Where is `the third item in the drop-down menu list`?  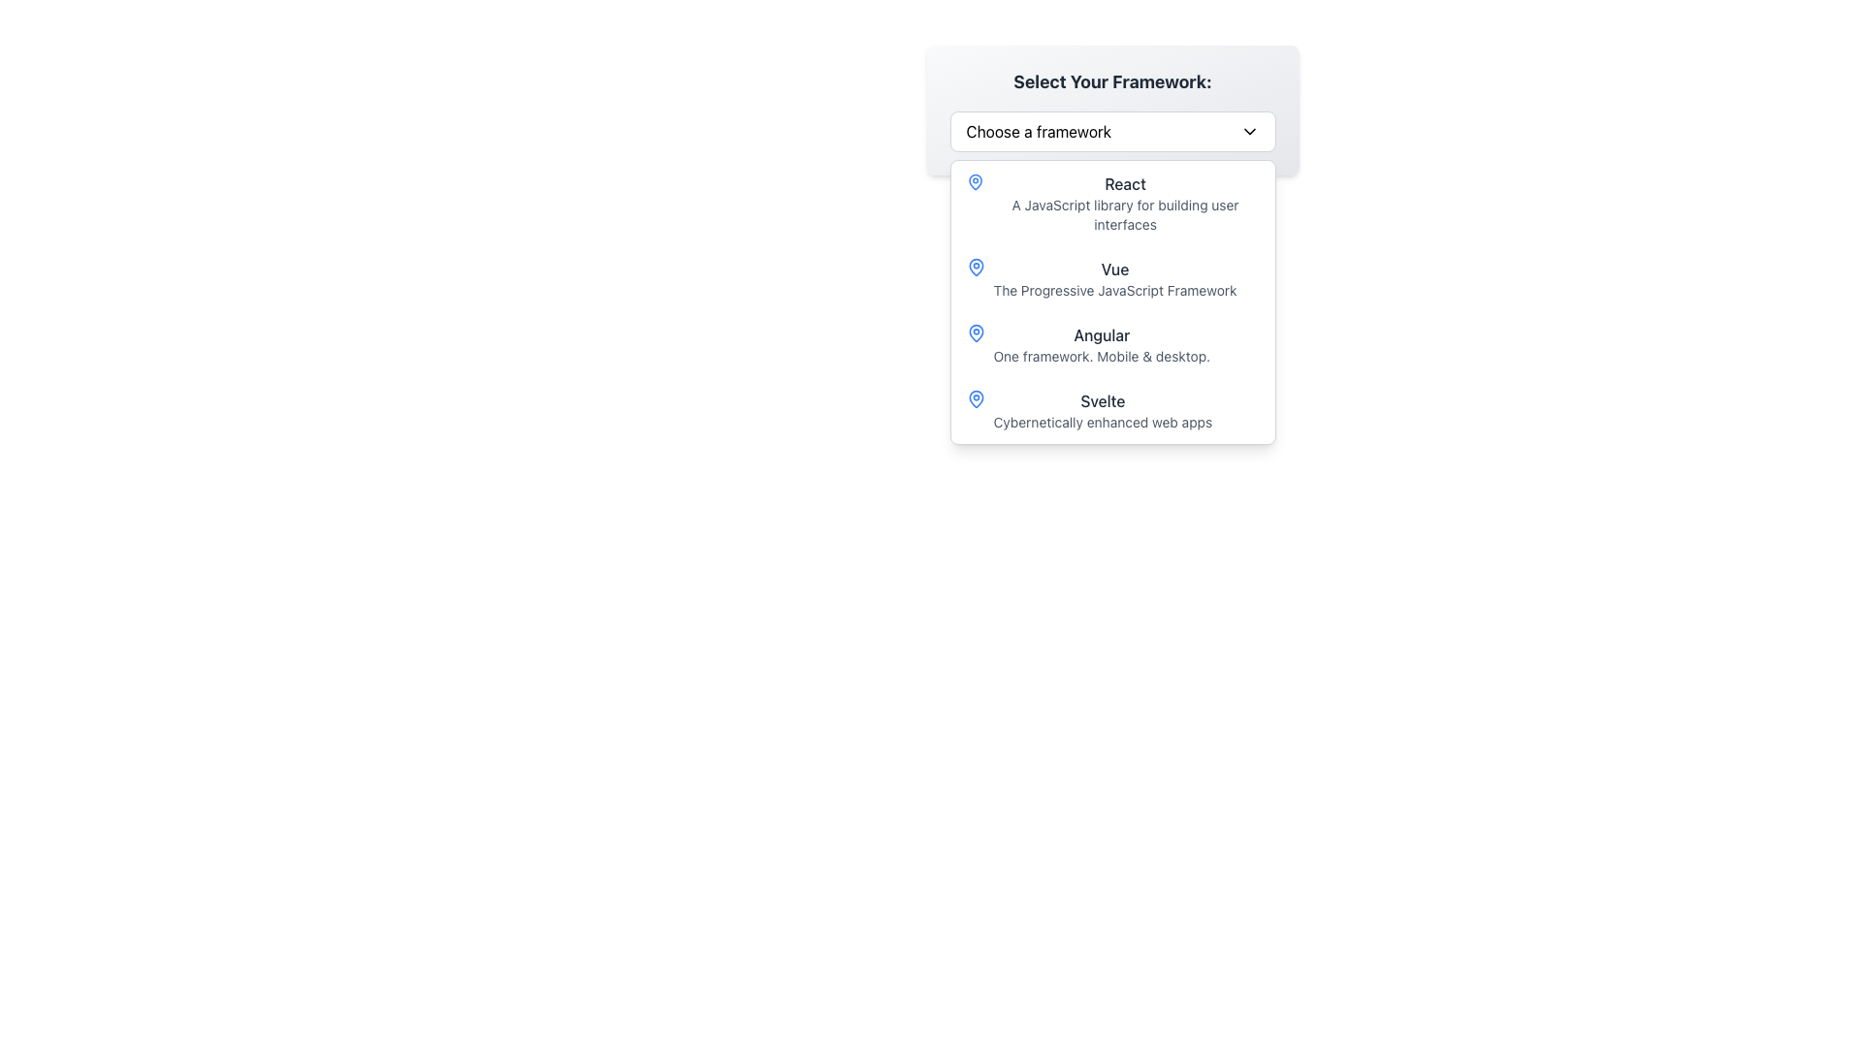 the third item in the drop-down menu list is located at coordinates (1112, 343).